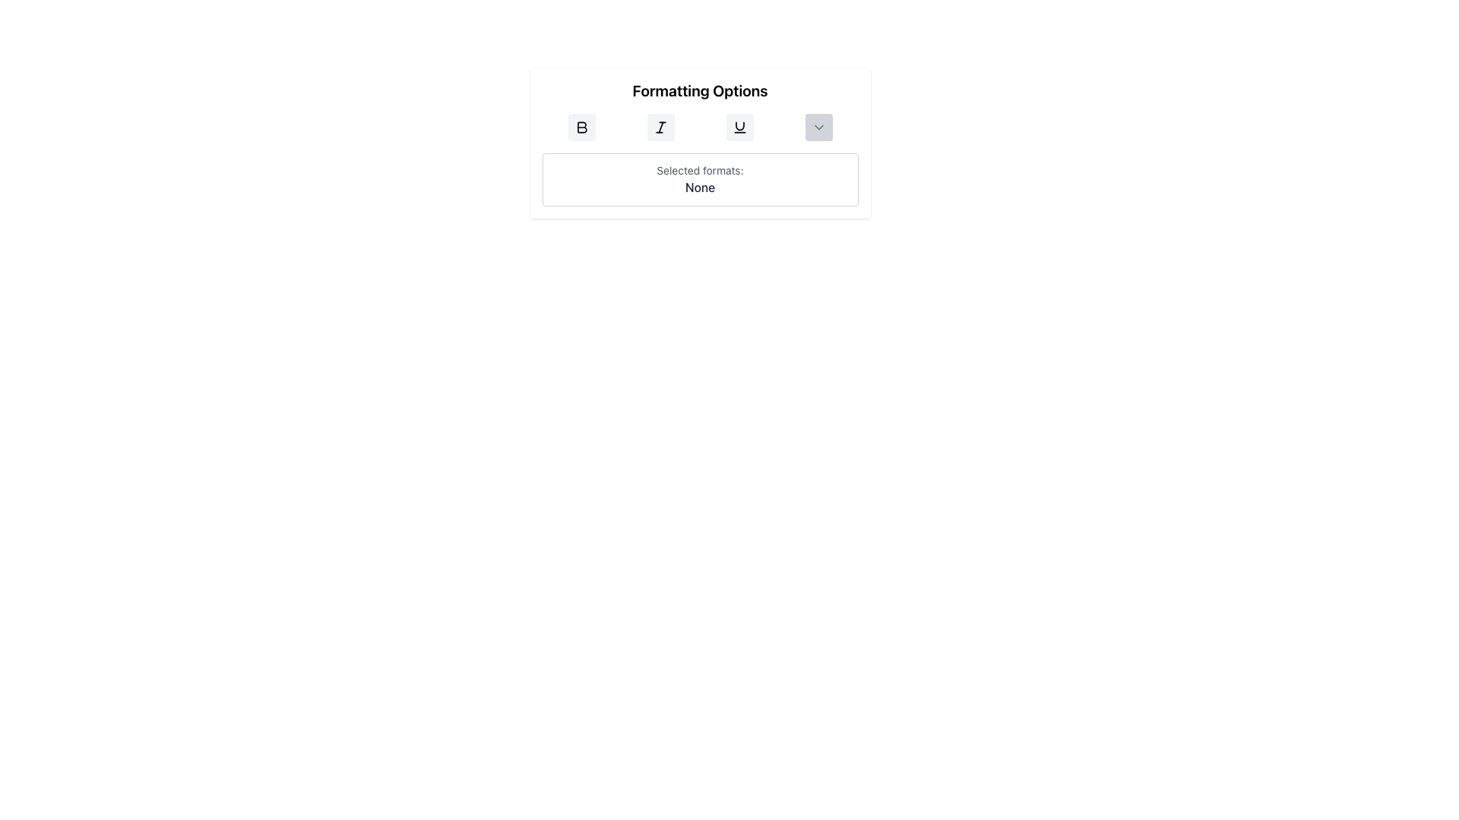  What do you see at coordinates (660, 127) in the screenshot?
I see `the italic icon button in the toolbar` at bounding box center [660, 127].